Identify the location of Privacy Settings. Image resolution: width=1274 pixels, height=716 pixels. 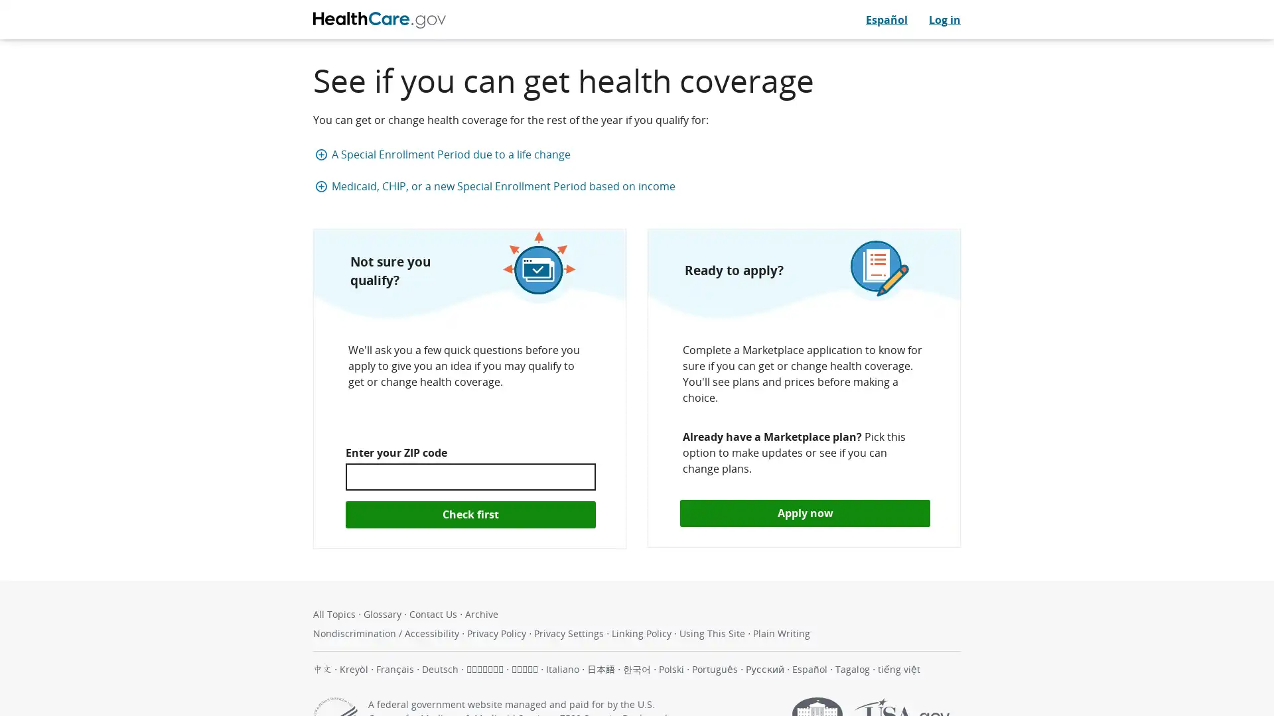
(570, 632).